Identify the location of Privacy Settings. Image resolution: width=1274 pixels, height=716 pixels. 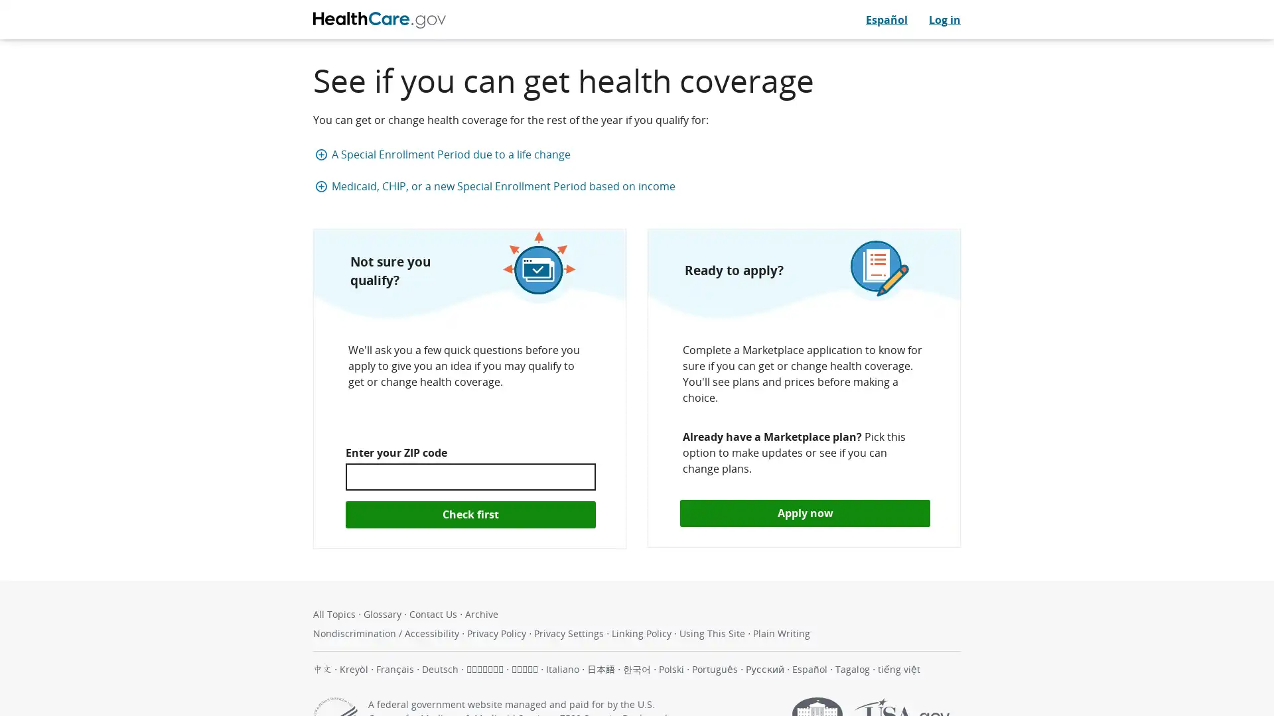
(570, 632).